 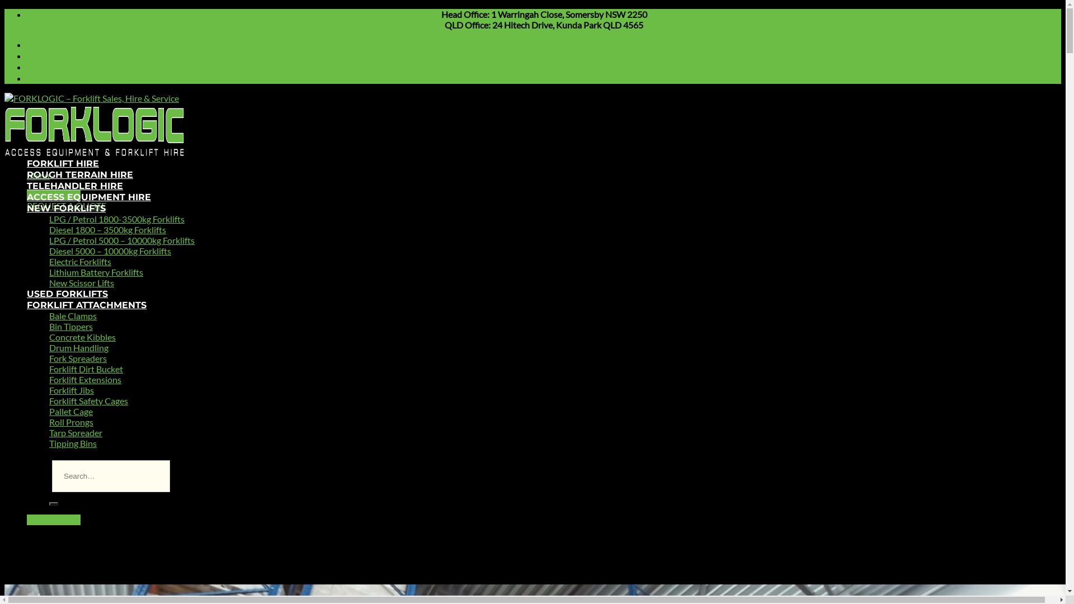 What do you see at coordinates (53, 504) in the screenshot?
I see `'Search'` at bounding box center [53, 504].